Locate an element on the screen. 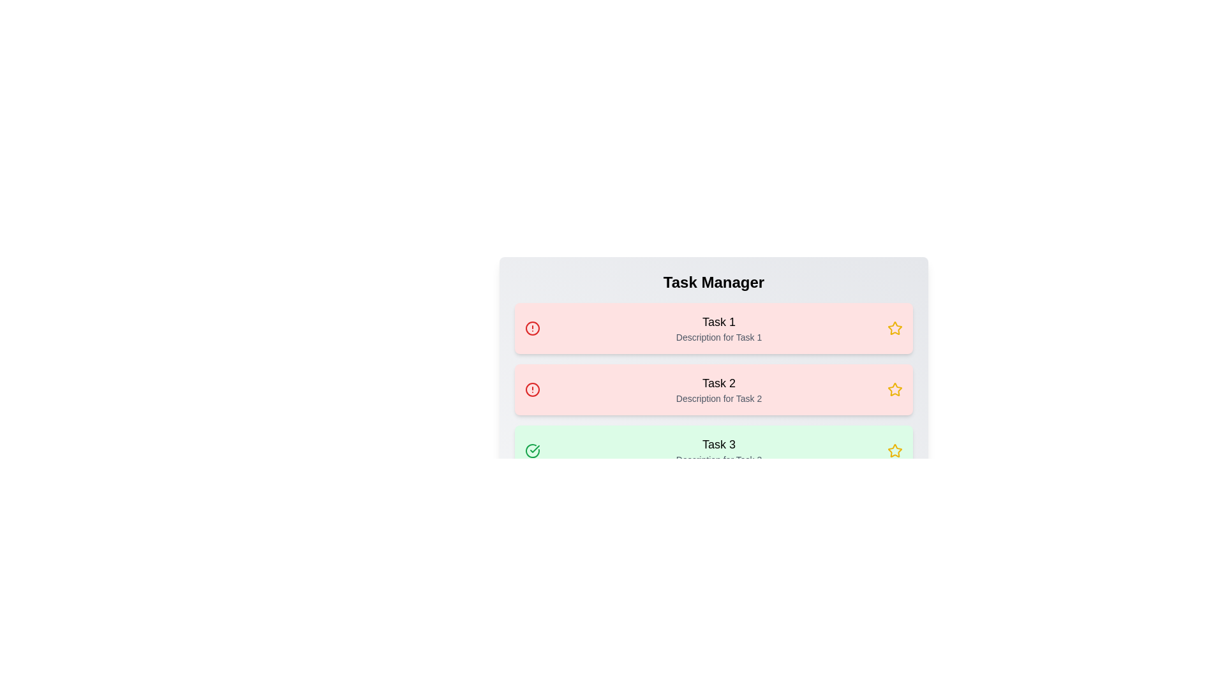 This screenshot has width=1225, height=689. the task row corresponding to 2 to toggle its completion state is located at coordinates (713, 389).